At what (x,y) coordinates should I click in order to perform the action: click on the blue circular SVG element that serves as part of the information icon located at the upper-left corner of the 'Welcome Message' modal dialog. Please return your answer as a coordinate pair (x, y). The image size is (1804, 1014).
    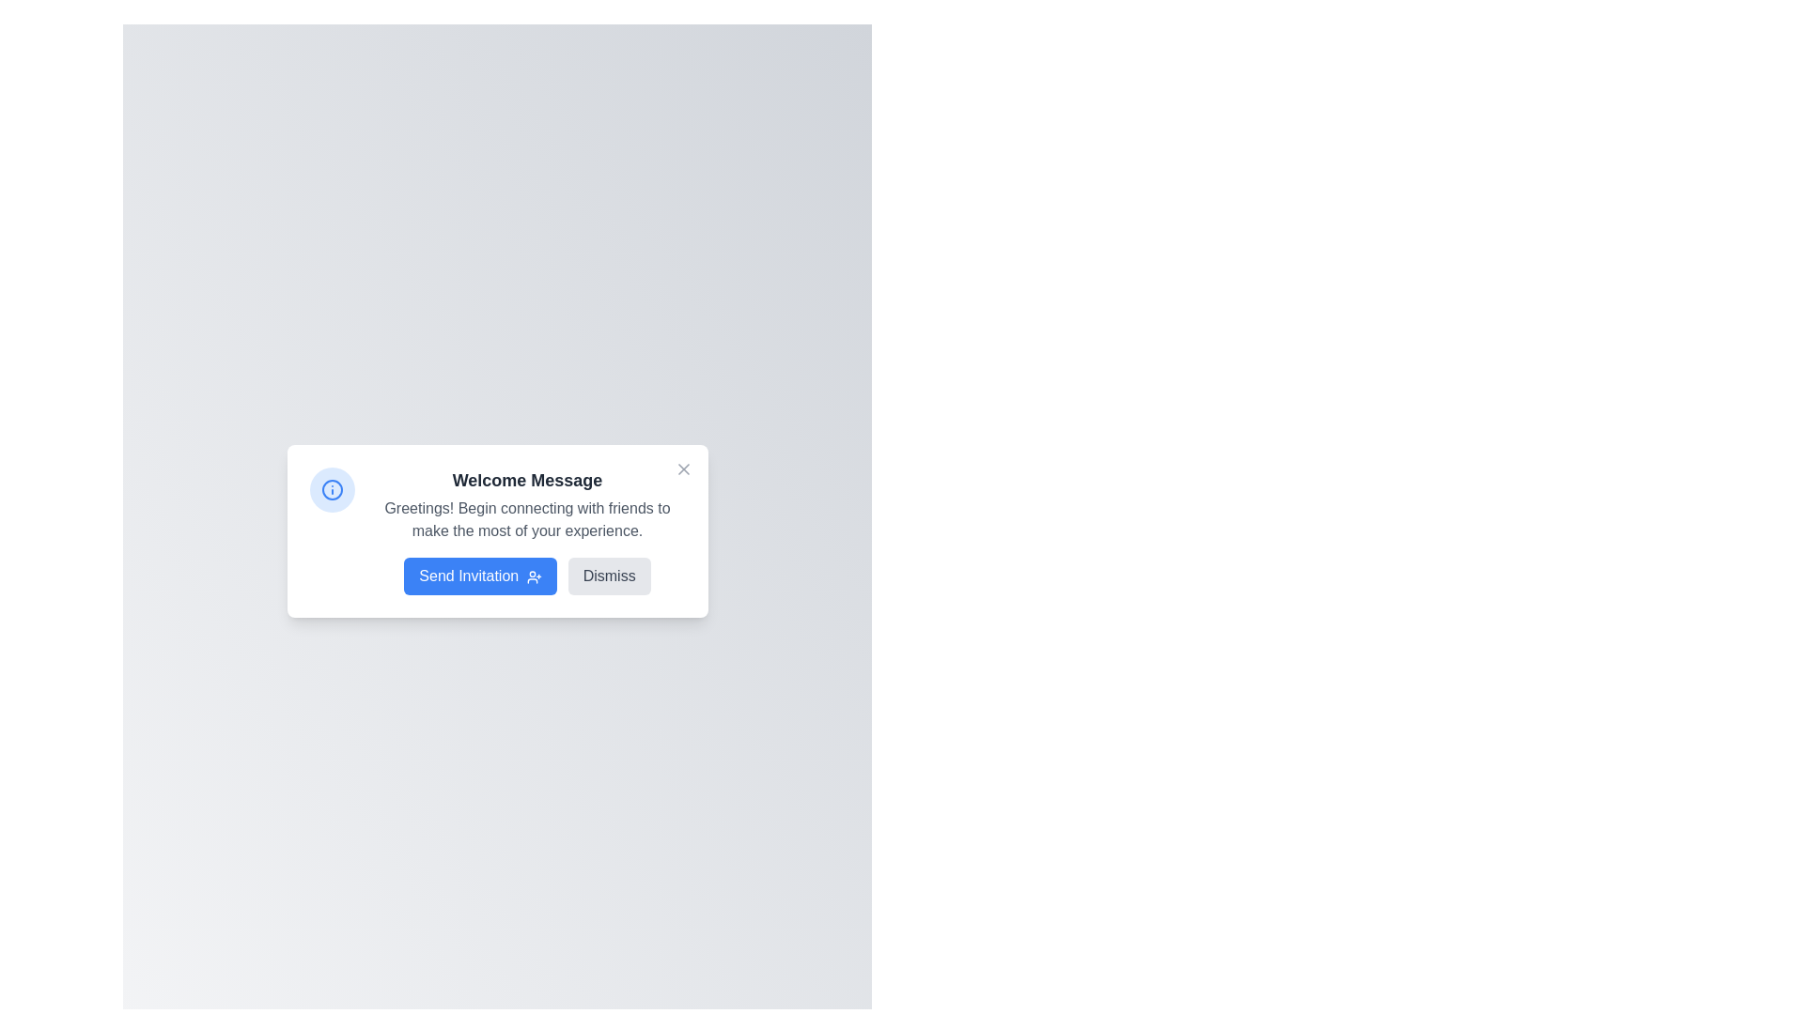
    Looking at the image, I should click on (332, 488).